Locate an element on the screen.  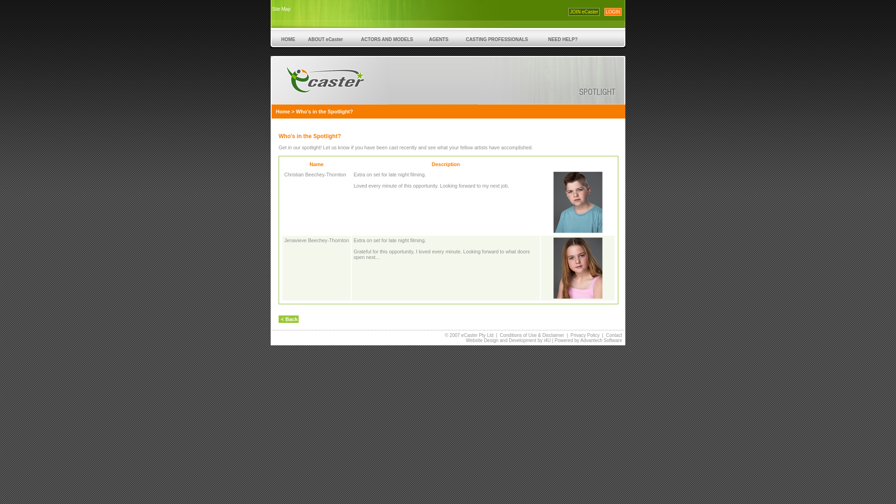
'Home' is located at coordinates (282, 111).